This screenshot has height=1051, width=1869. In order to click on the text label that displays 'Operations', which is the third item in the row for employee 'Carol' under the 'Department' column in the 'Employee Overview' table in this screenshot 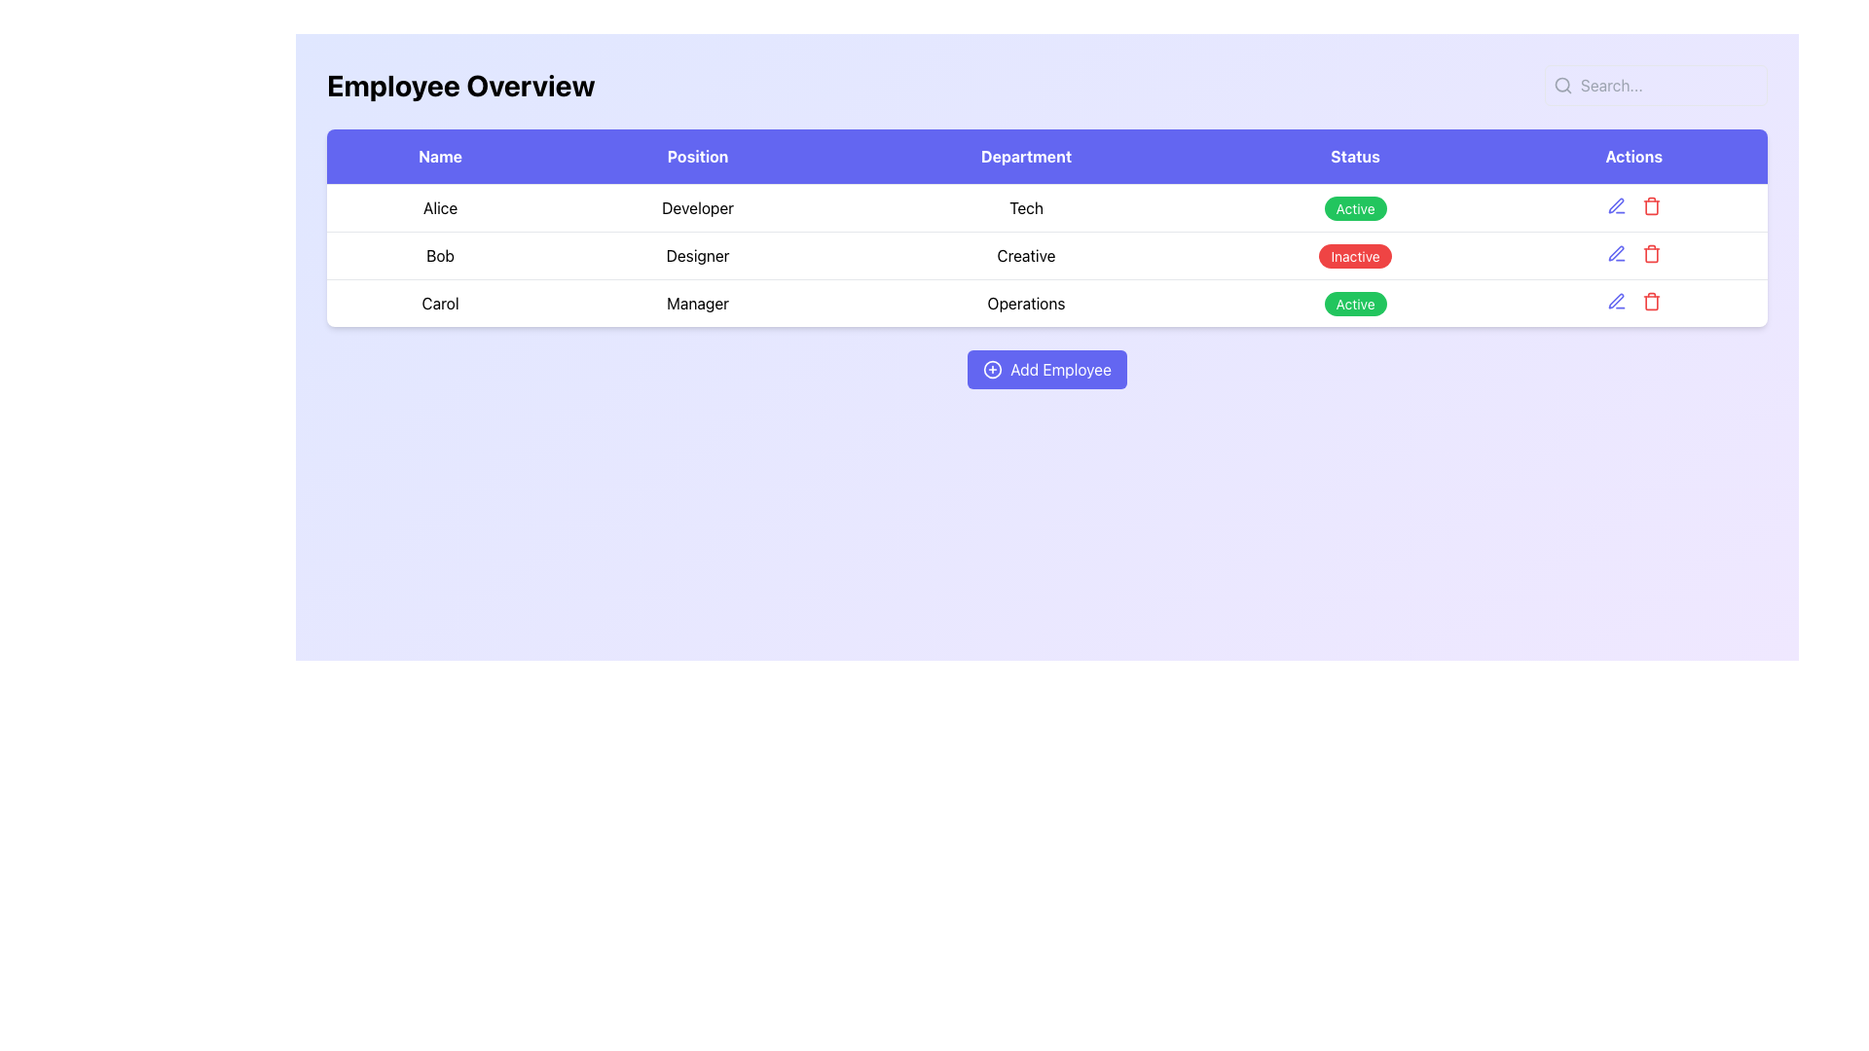, I will do `click(1025, 303)`.